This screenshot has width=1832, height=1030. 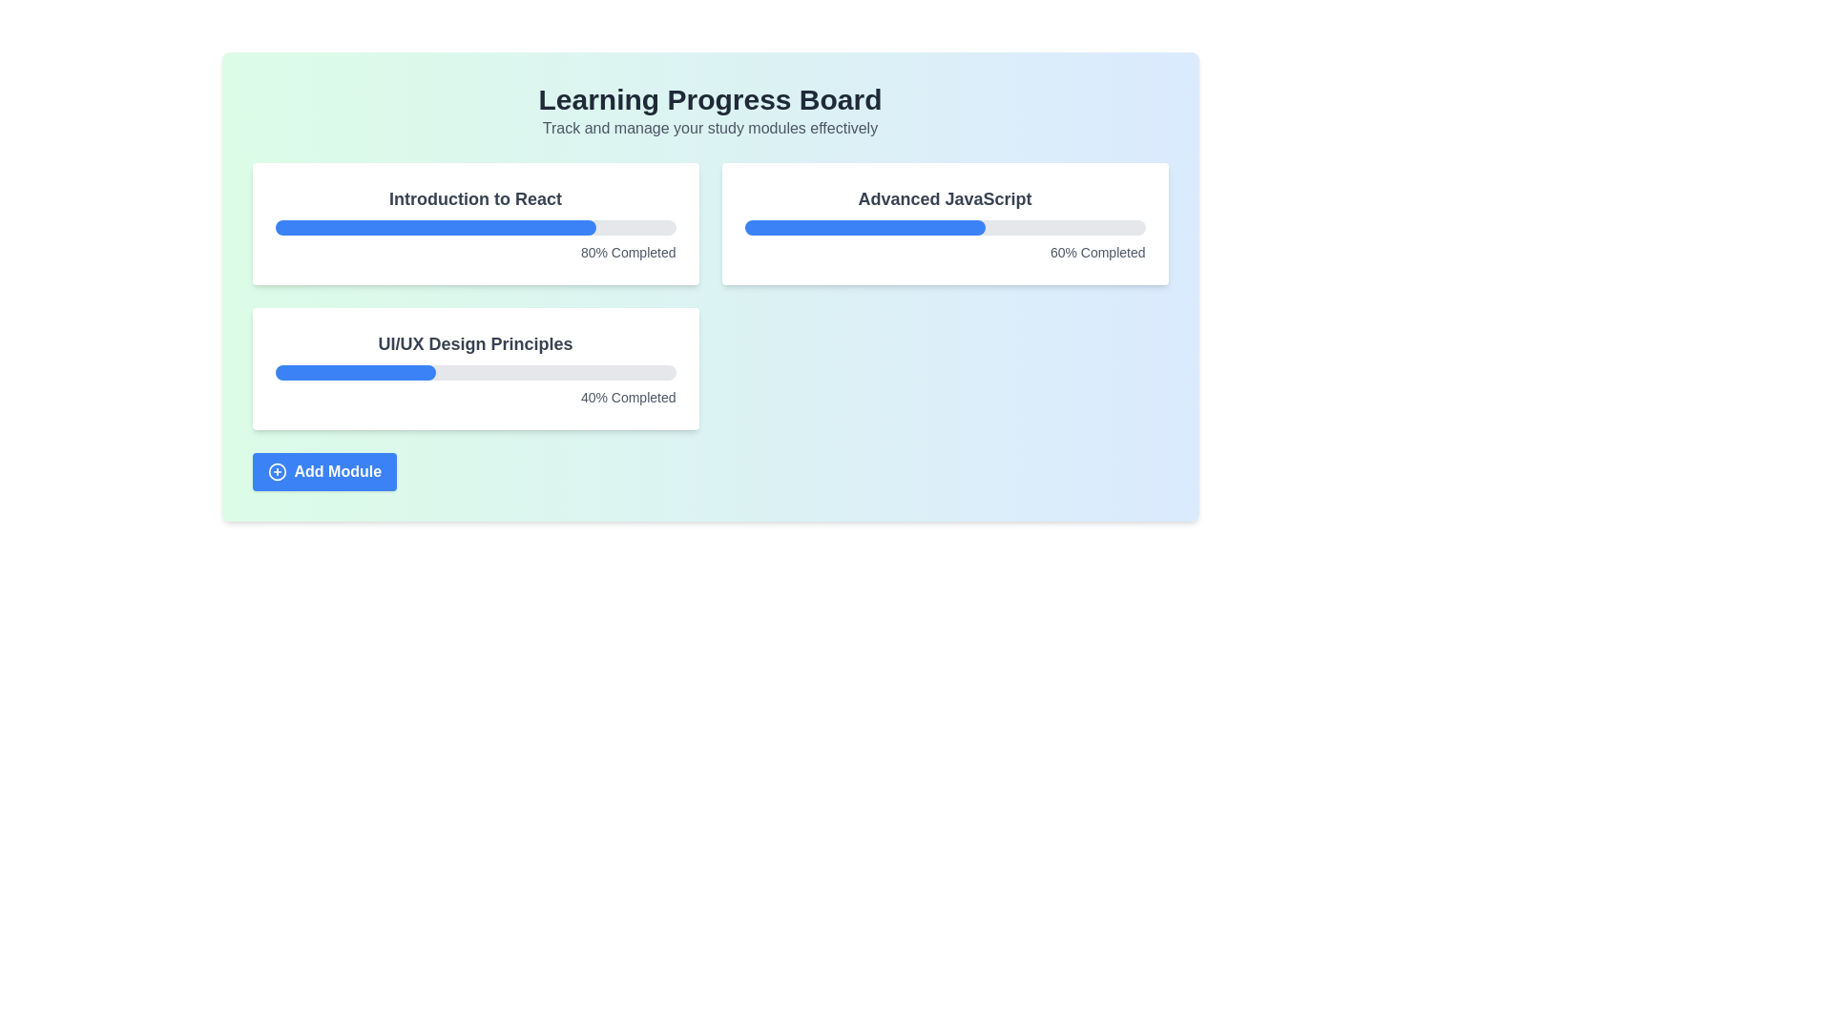 What do you see at coordinates (945, 227) in the screenshot?
I see `the progress bar indicating '60% Completed' located below the title 'Advanced JavaScript'` at bounding box center [945, 227].